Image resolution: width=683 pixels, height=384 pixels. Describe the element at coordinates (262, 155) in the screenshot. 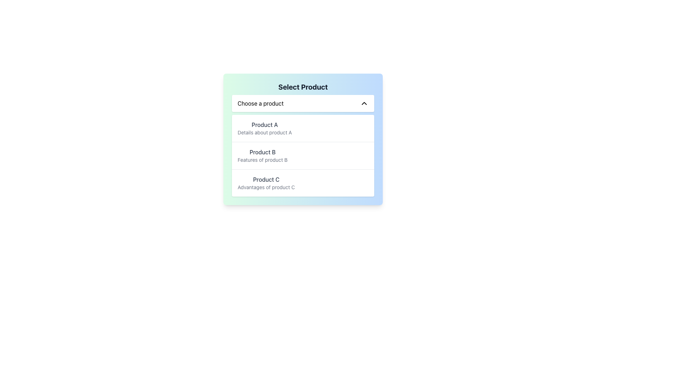

I see `the text display block labeled 'Product B' which is the second item in a vertical list of products in the dropdown selection` at that location.